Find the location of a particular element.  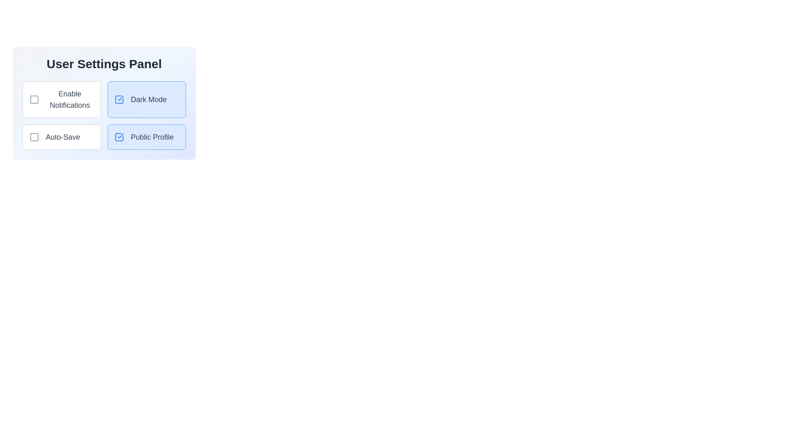

properties of the visual indicator square representing the 'Auto-Save' functionality located within the bottom left corner of the settings panel is located at coordinates (34, 136).